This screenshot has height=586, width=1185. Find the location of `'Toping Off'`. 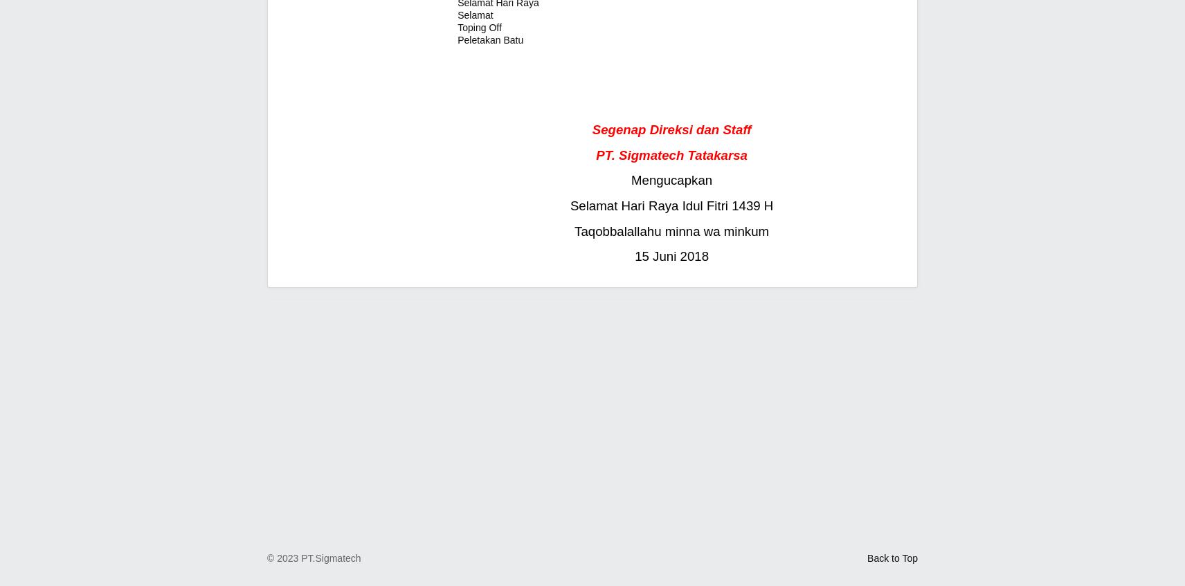

'Toping Off' is located at coordinates (479, 26).